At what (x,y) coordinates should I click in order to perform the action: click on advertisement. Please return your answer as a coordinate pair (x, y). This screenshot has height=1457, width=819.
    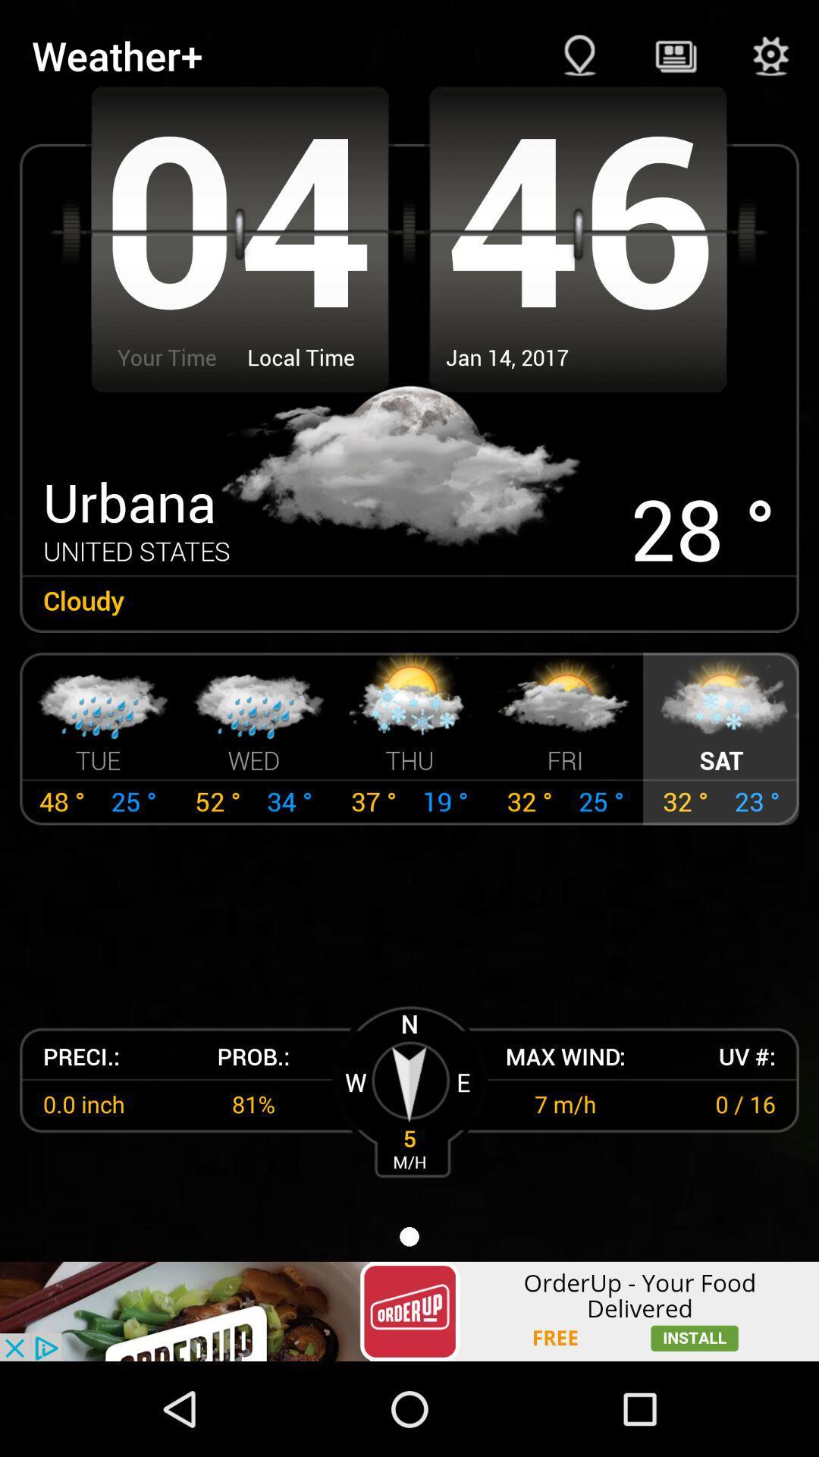
    Looking at the image, I should click on (409, 1311).